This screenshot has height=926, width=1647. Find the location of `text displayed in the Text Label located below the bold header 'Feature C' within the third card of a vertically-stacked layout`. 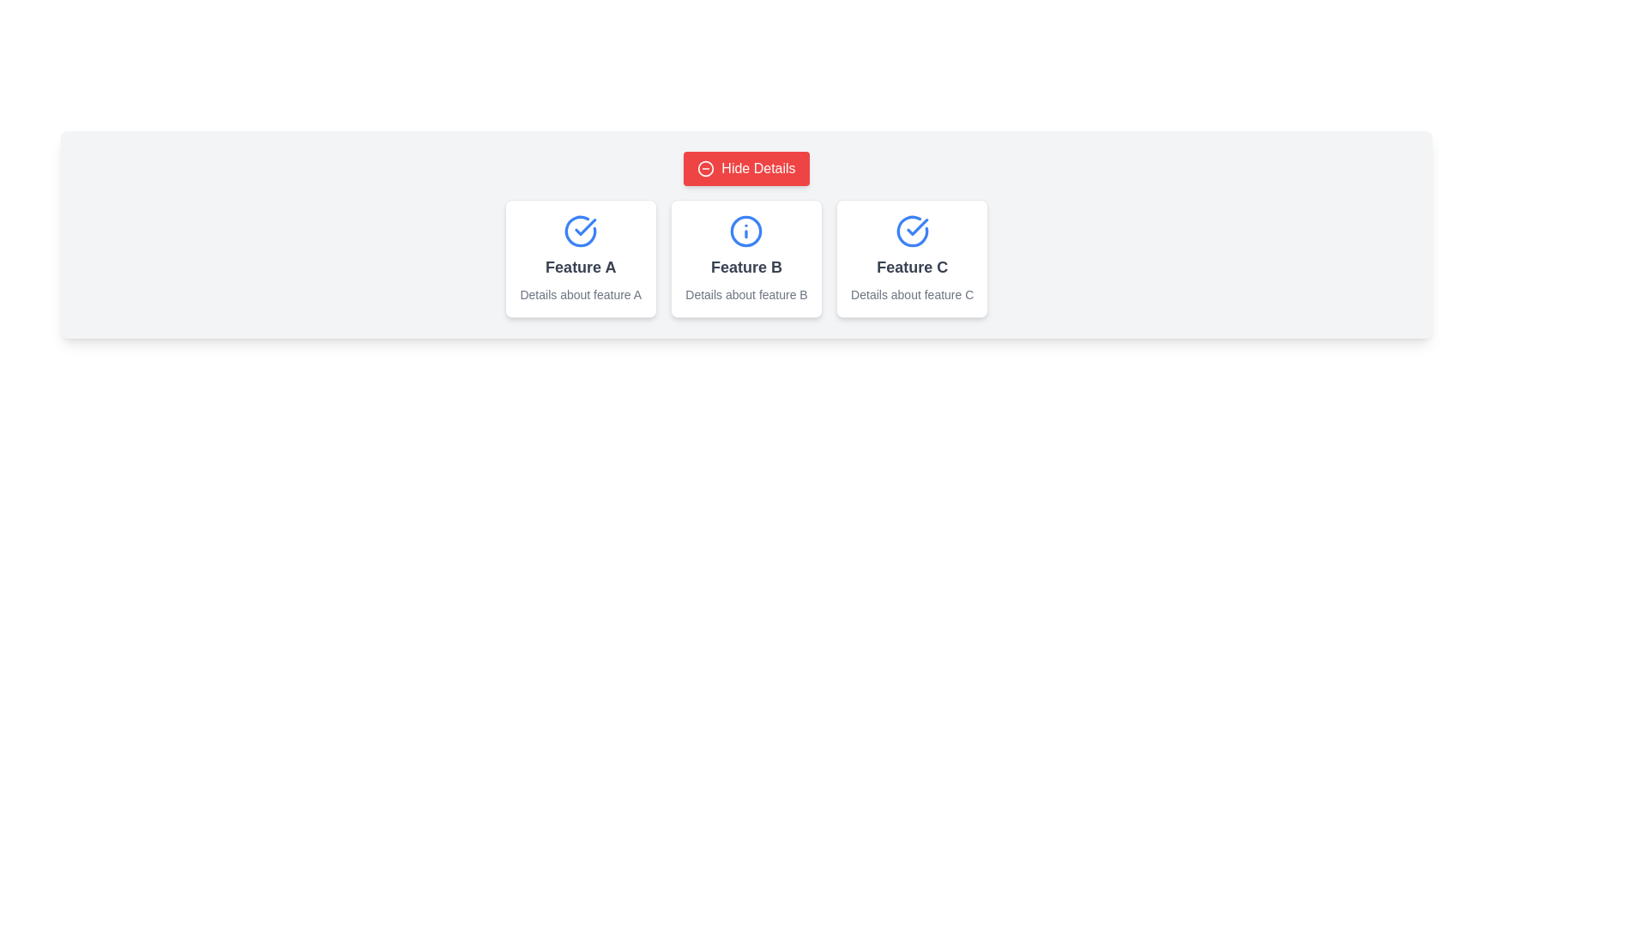

text displayed in the Text Label located below the bold header 'Feature C' within the third card of a vertically-stacked layout is located at coordinates (911, 293).